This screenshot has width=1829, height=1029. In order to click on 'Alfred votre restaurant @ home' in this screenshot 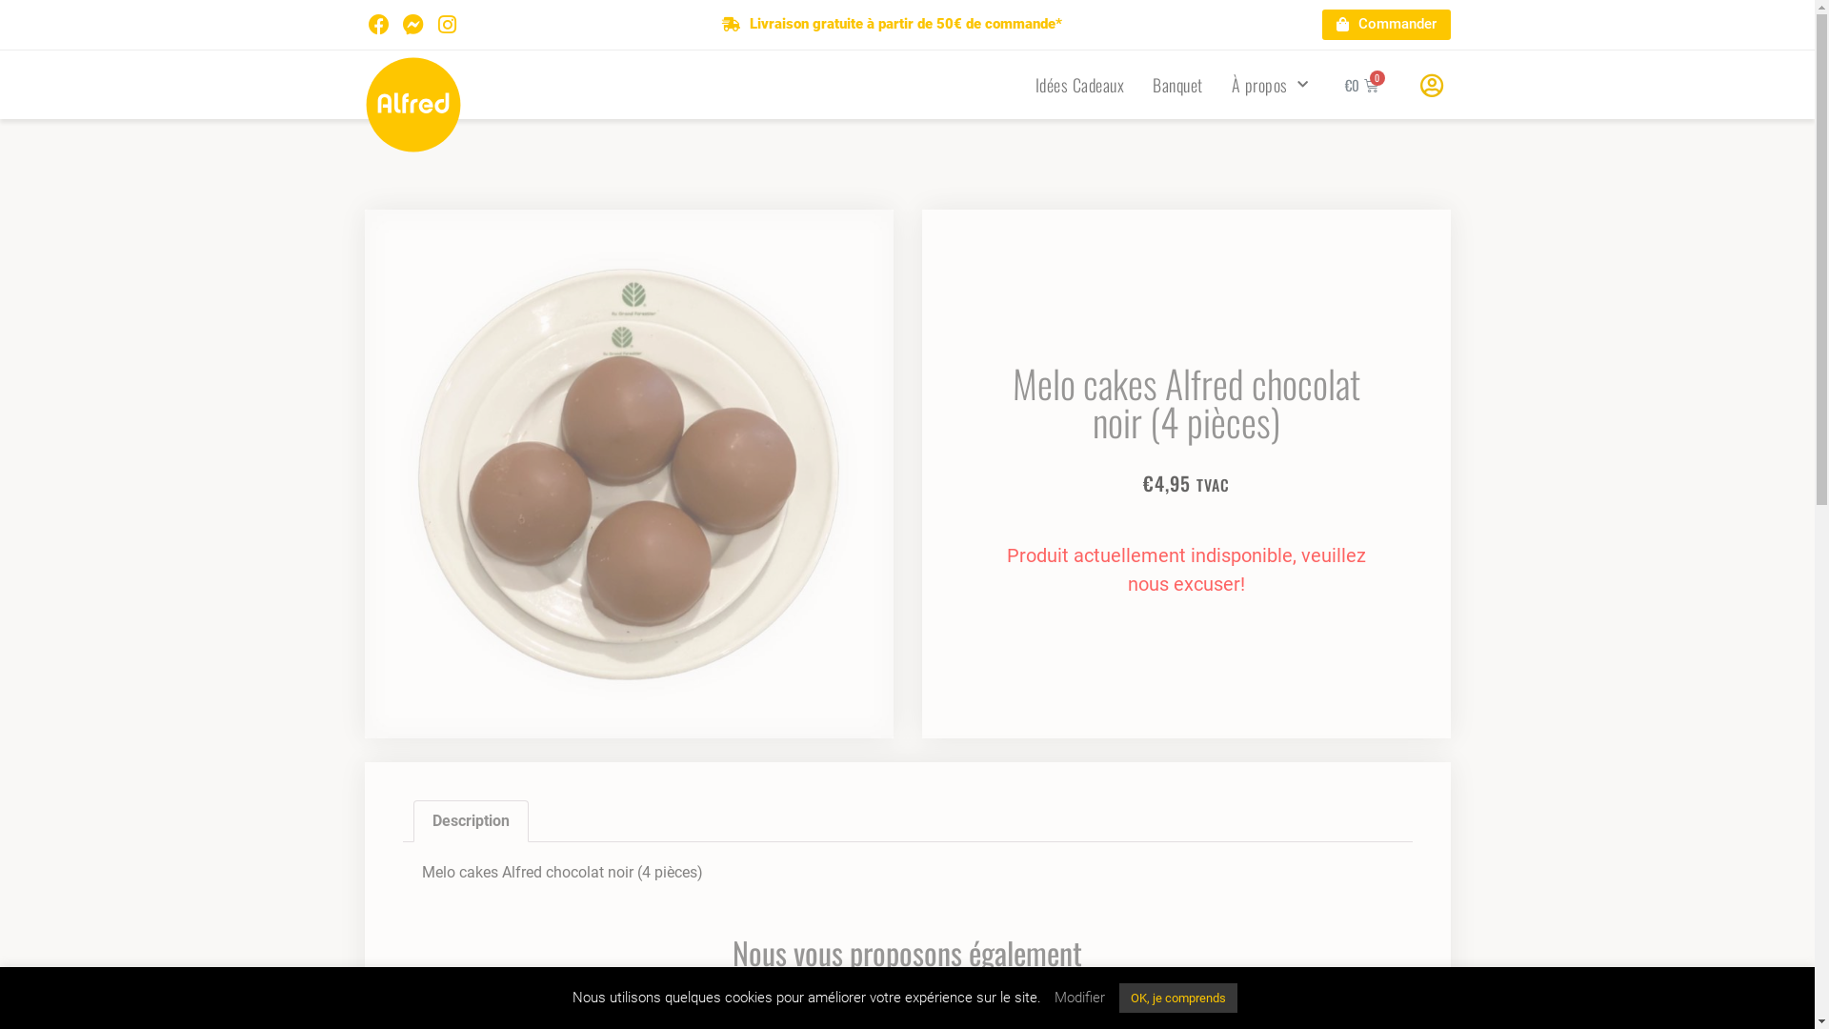, I will do `click(412, 105)`.